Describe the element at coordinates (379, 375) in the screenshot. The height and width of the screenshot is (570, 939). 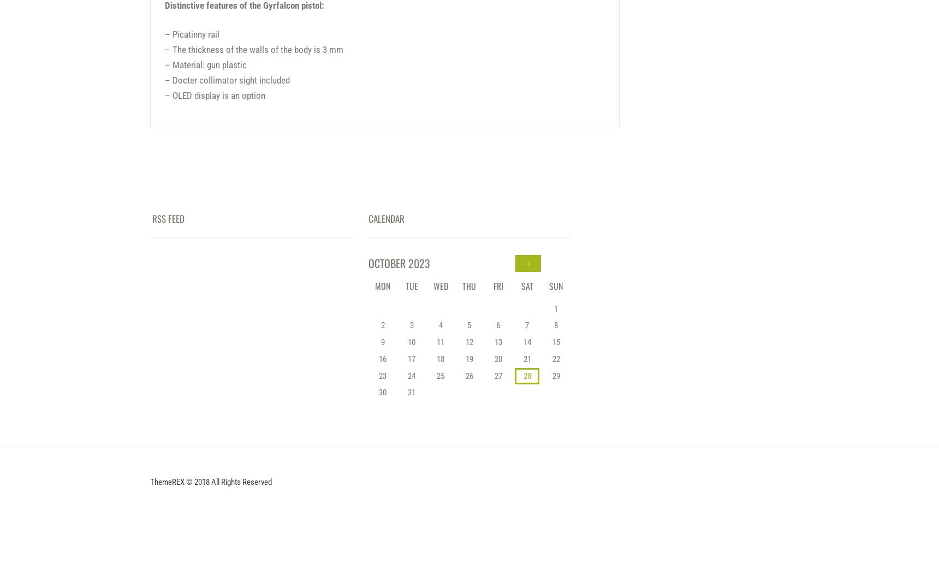
I see `'23'` at that location.